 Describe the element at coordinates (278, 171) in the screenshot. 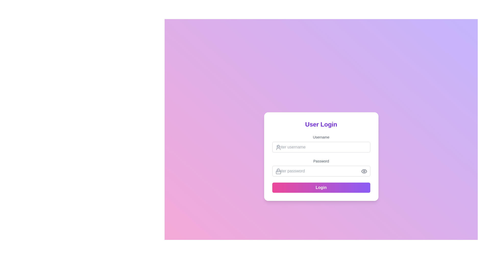

I see `the lock icon located inside the password input field, which serves as a visual indicator for the field's purpose` at that location.